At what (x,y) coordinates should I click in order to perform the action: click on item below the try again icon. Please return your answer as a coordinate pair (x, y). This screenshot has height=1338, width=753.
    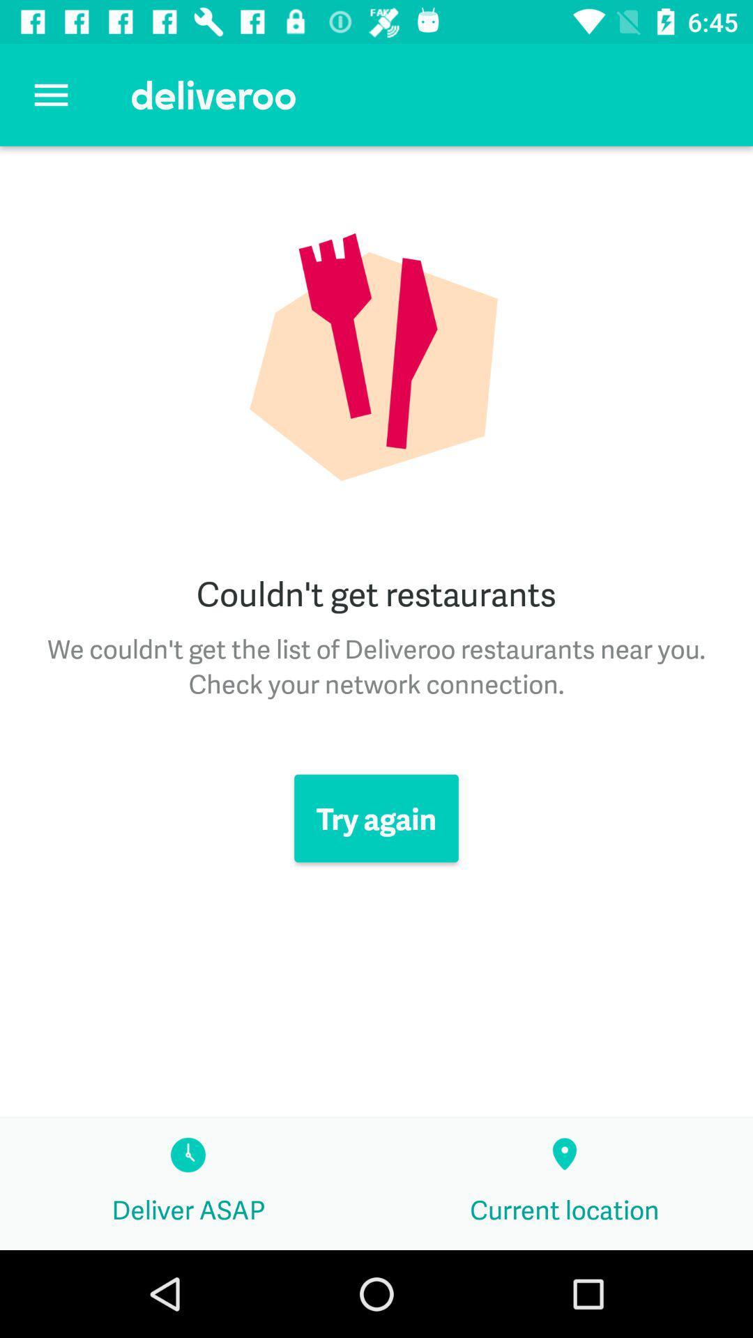
    Looking at the image, I should click on (188, 1183).